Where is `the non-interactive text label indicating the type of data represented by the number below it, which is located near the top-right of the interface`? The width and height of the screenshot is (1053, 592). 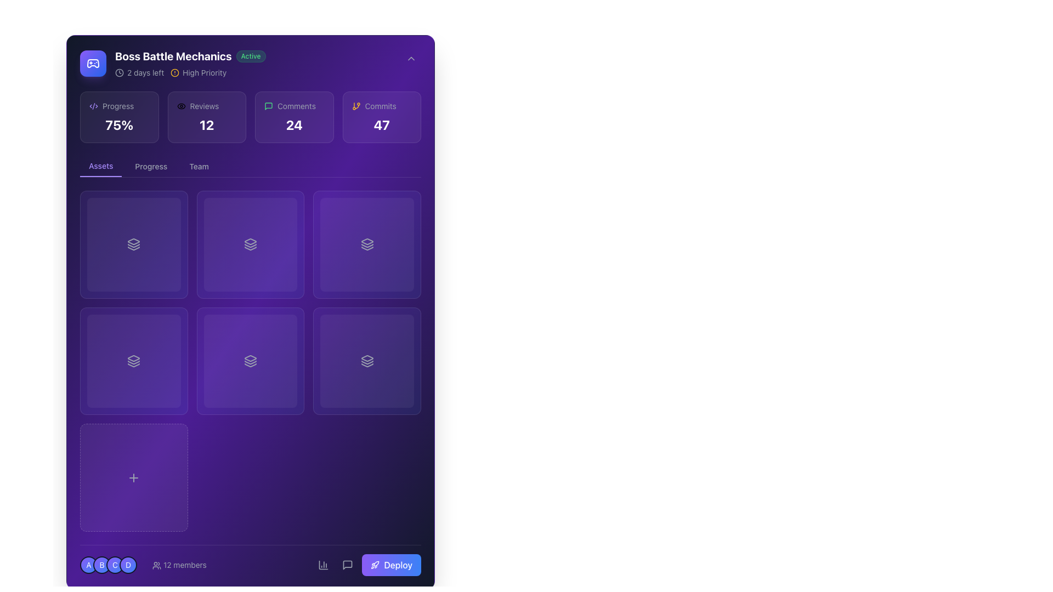
the non-interactive text label indicating the type of data represented by the number below it, which is located near the top-right of the interface is located at coordinates (381, 106).